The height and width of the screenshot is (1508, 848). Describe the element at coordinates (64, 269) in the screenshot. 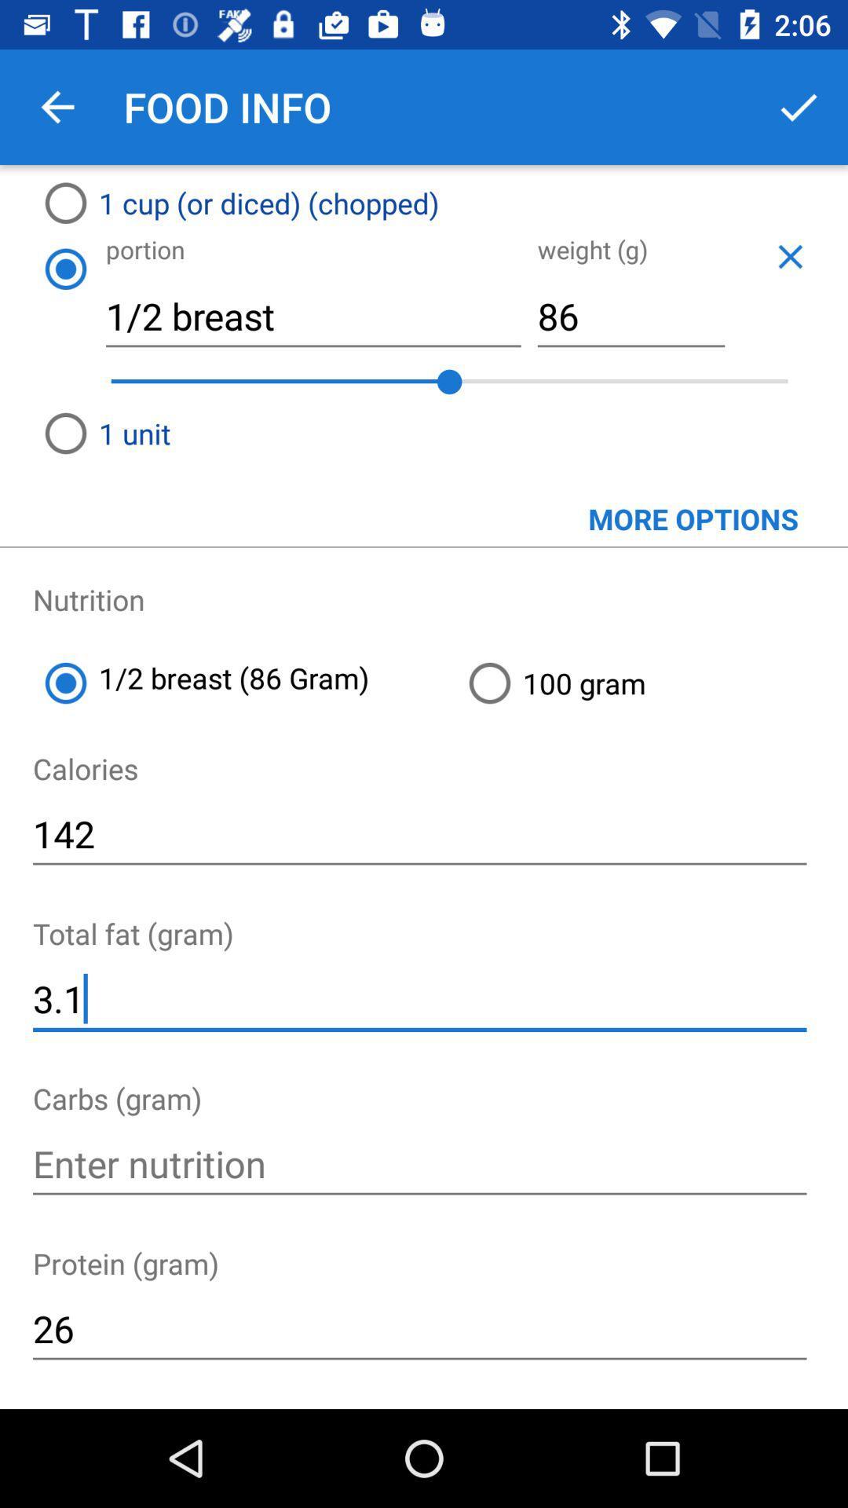

I see `portion option` at that location.